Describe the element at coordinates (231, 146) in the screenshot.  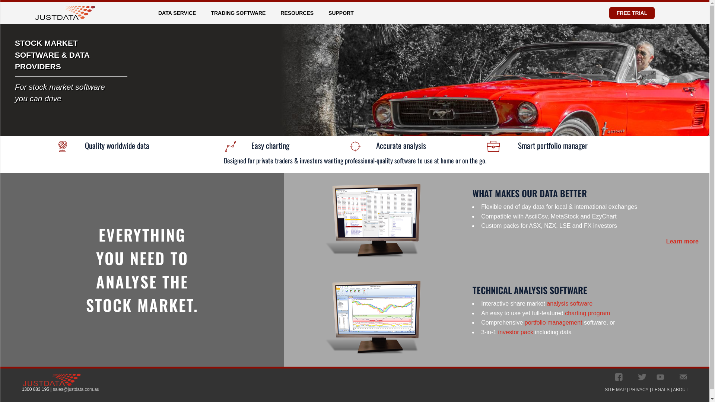
I see `'Easy Charting'` at that location.